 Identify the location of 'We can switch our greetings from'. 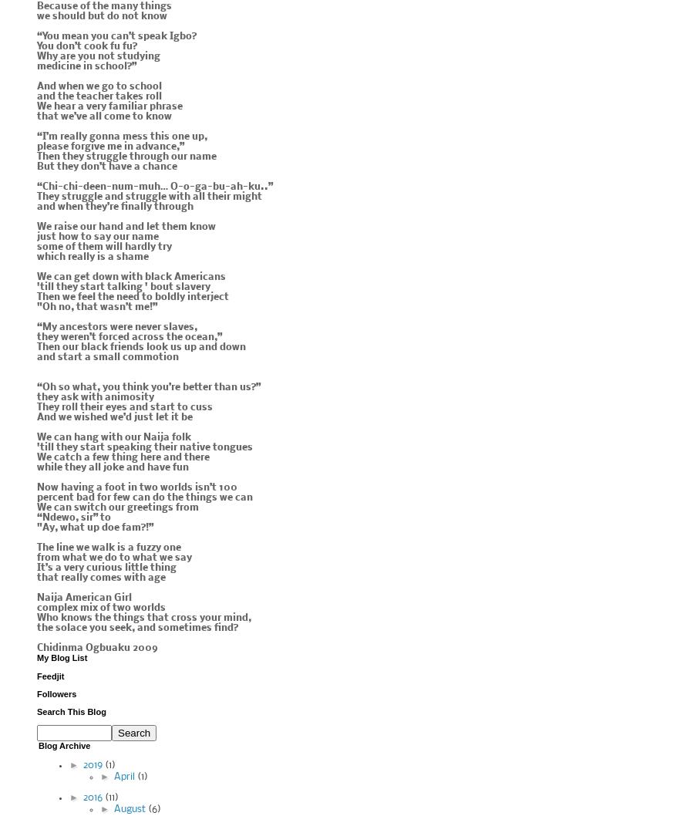
(116, 507).